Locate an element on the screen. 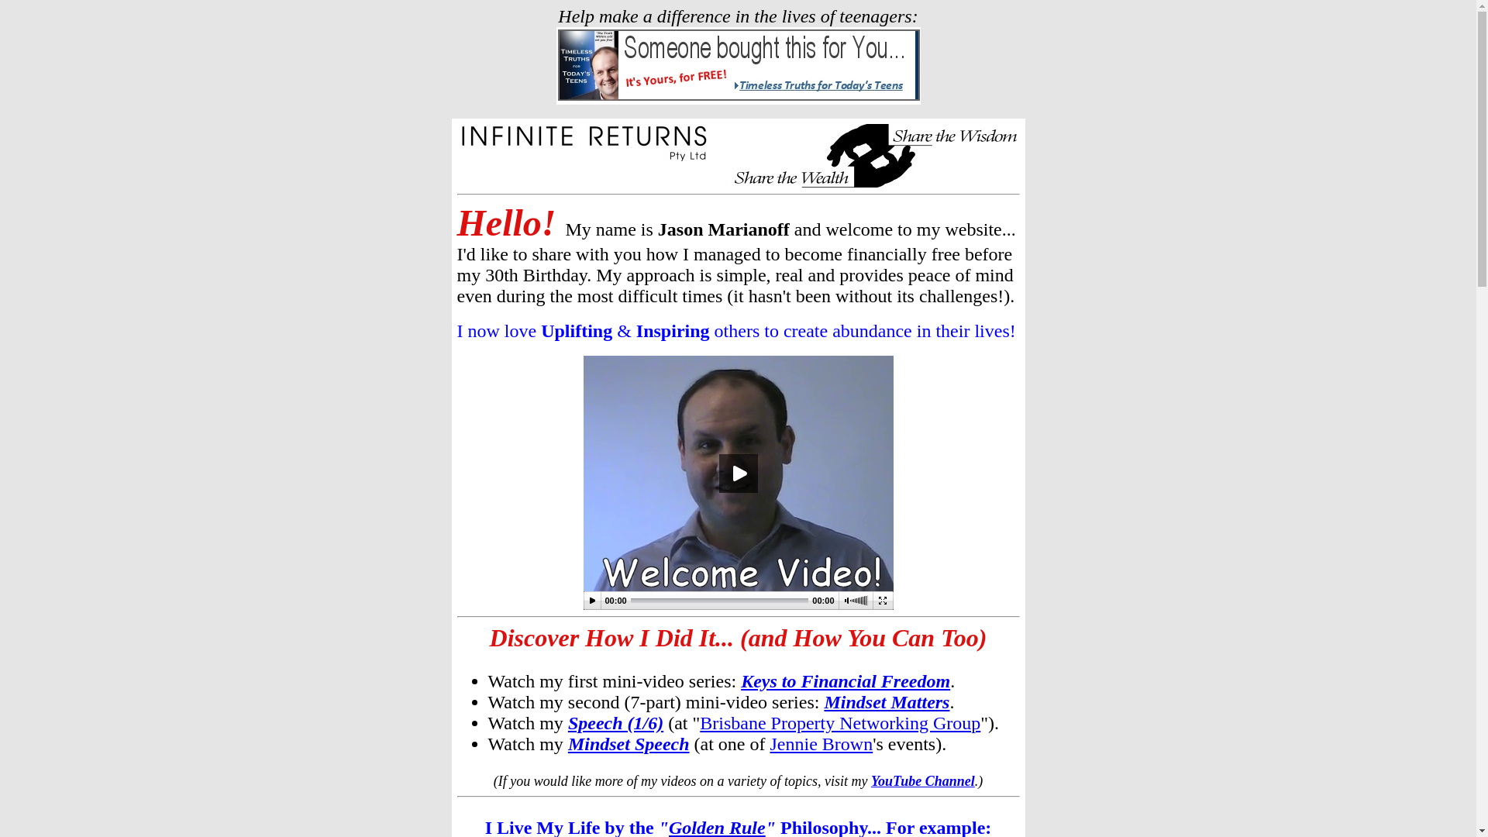 The width and height of the screenshot is (1488, 837). 'Mindset Speech' is located at coordinates (567, 743).